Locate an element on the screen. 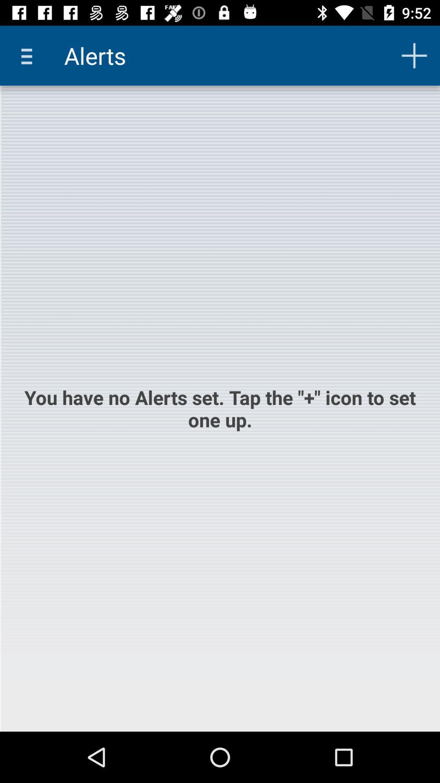  item next to the alerts is located at coordinates (414, 55).